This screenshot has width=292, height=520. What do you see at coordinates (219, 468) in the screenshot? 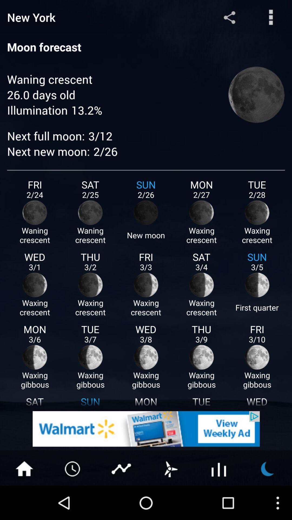
I see `detaild 10-day forecast` at bounding box center [219, 468].